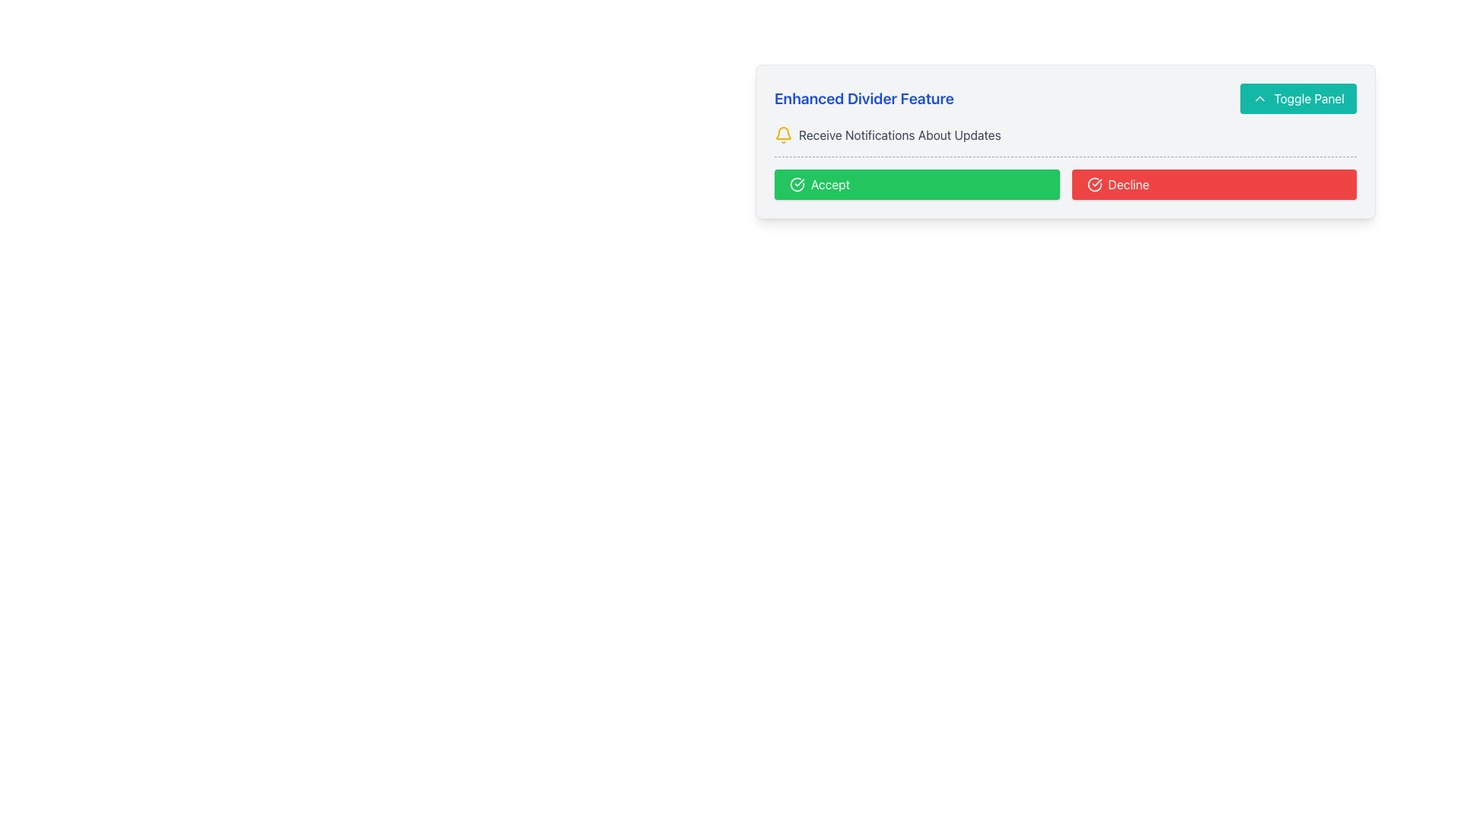 This screenshot has width=1461, height=821. What do you see at coordinates (899, 134) in the screenshot?
I see `descriptive text label for the notifications feature located below the section title 'Enhanced Divider Feature' and above the 'Accept' and 'Decline' buttons` at bounding box center [899, 134].